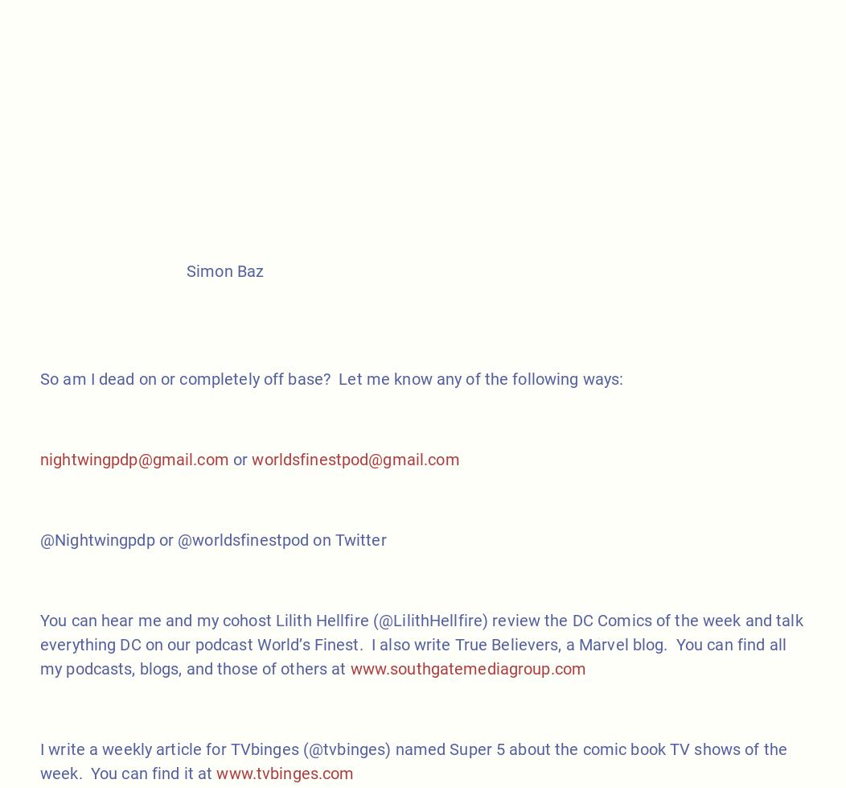 Image resolution: width=846 pixels, height=788 pixels. I want to click on 'So am I dead on or completely off base?  Let me know any of the following ways:', so click(331, 378).